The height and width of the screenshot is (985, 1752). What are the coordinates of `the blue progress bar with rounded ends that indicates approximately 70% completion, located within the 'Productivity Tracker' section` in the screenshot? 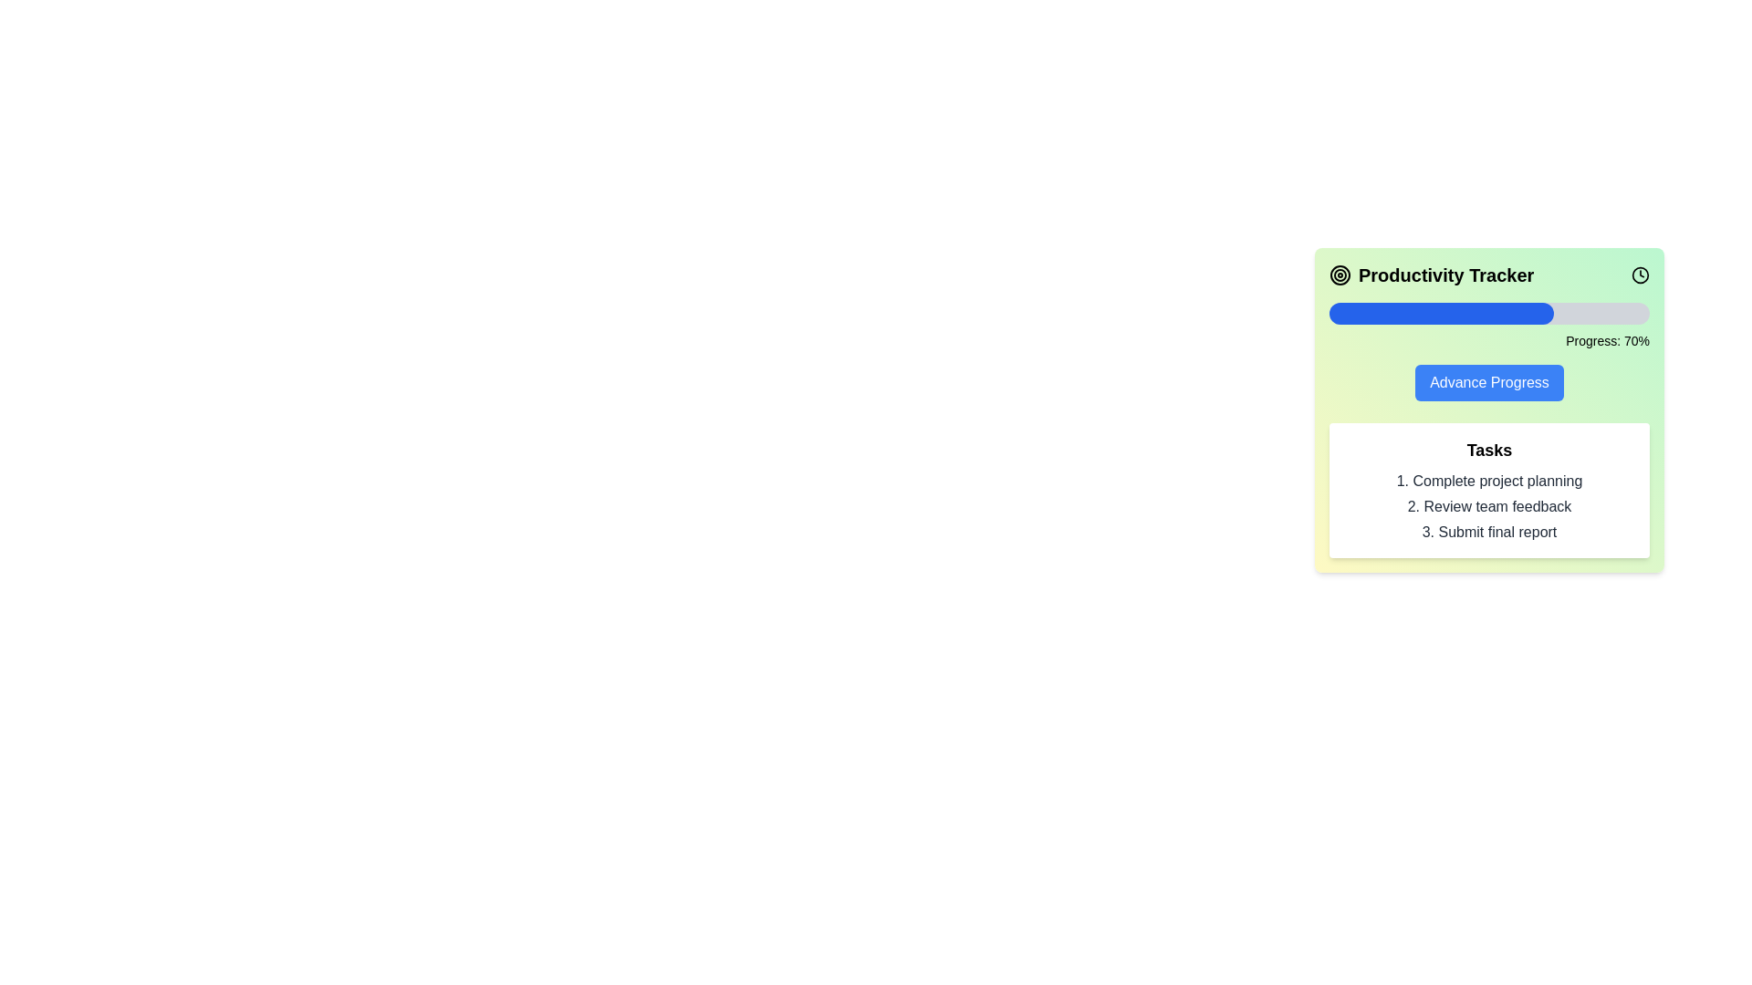 It's located at (1440, 312).